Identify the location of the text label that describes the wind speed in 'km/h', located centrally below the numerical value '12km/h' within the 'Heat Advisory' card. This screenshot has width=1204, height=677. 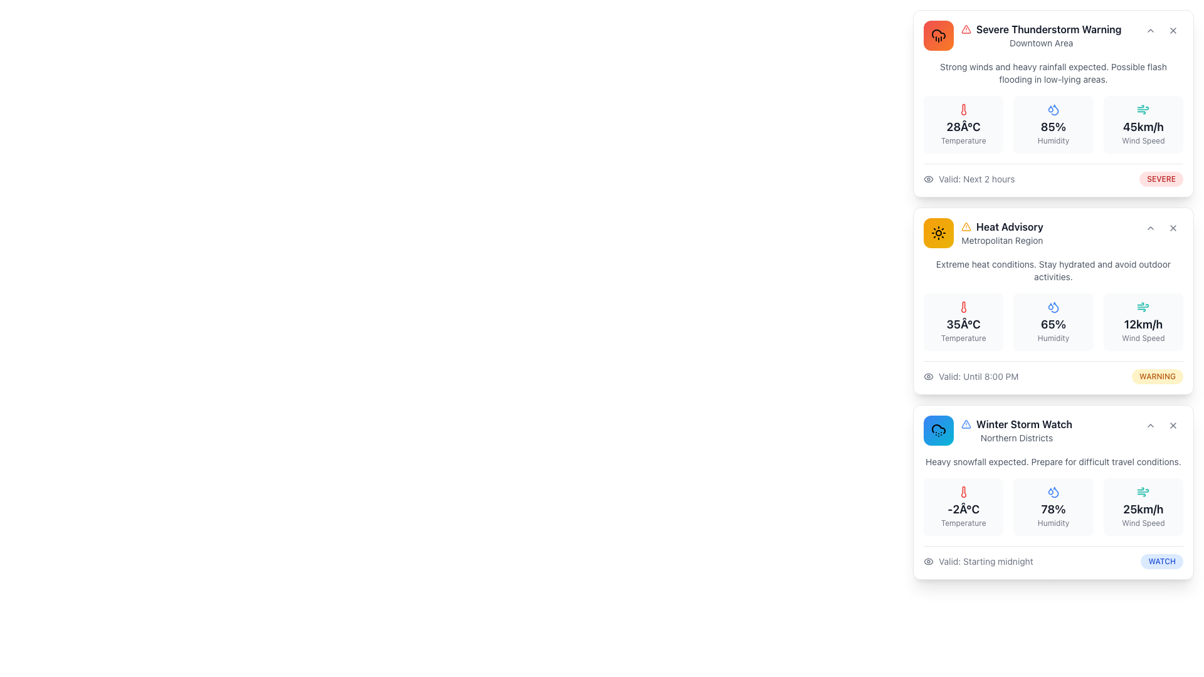
(1143, 338).